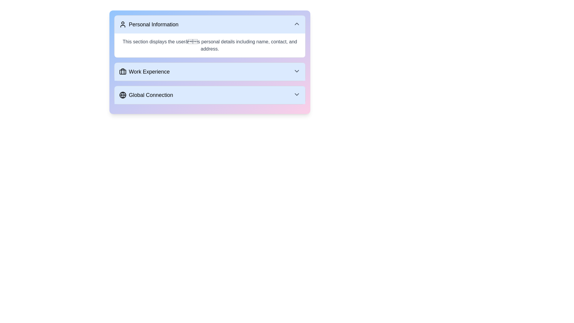 The height and width of the screenshot is (323, 574). What do you see at coordinates (210, 45) in the screenshot?
I see `the Informative Section that provides details about the user's personal information, located below the 'Personal Information' heading` at bounding box center [210, 45].